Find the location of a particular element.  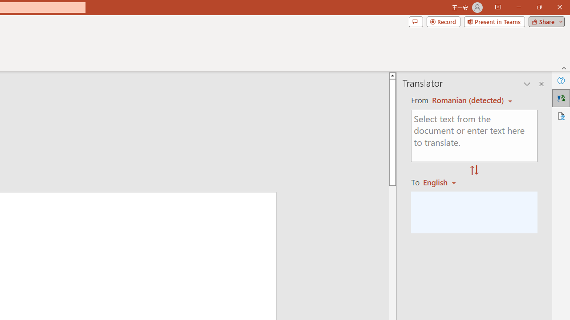

'Record' is located at coordinates (443, 21).